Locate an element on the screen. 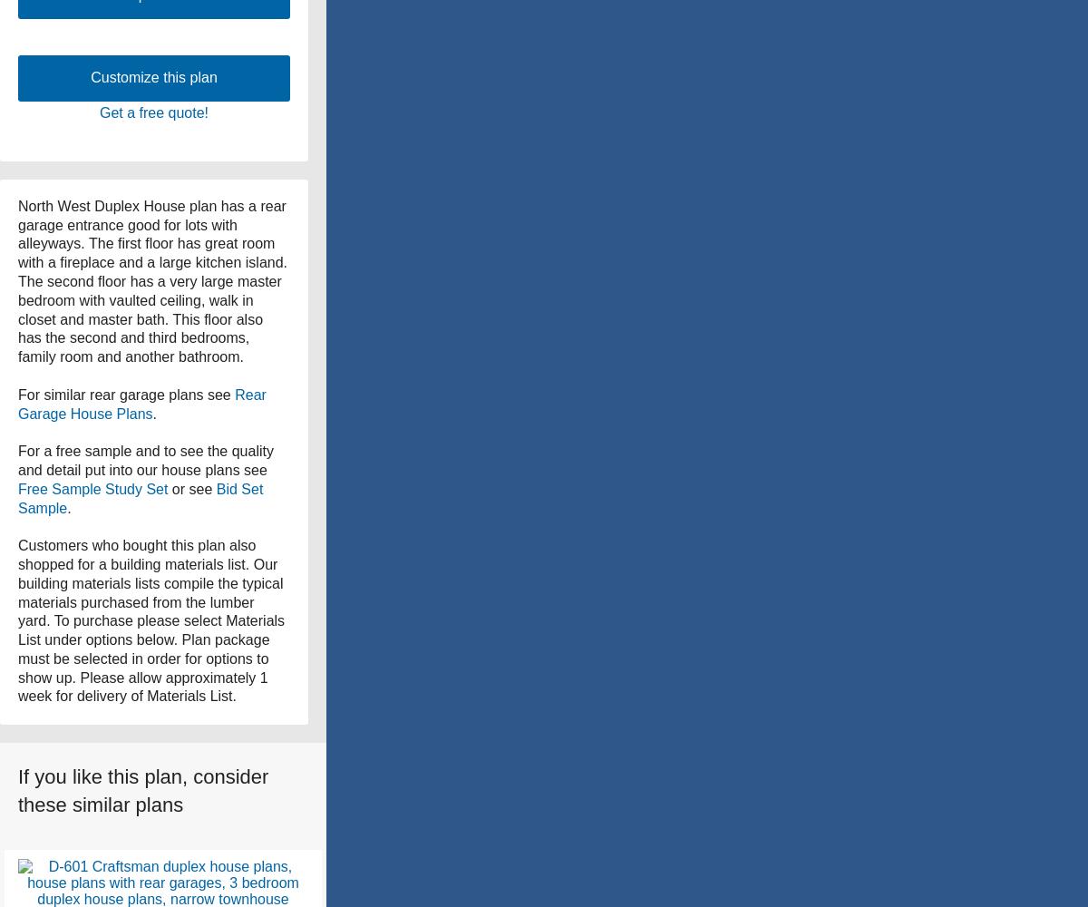 Image resolution: width=1088 pixels, height=907 pixels. 'Rear Garage House Plans' is located at coordinates (18, 403).